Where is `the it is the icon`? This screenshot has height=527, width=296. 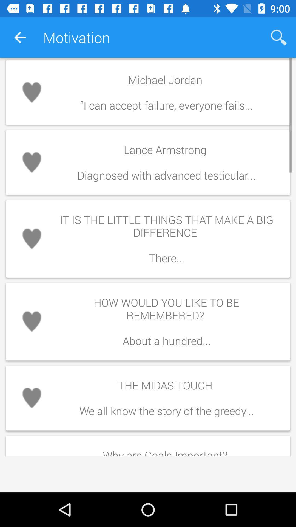 the it is the icon is located at coordinates (166, 239).